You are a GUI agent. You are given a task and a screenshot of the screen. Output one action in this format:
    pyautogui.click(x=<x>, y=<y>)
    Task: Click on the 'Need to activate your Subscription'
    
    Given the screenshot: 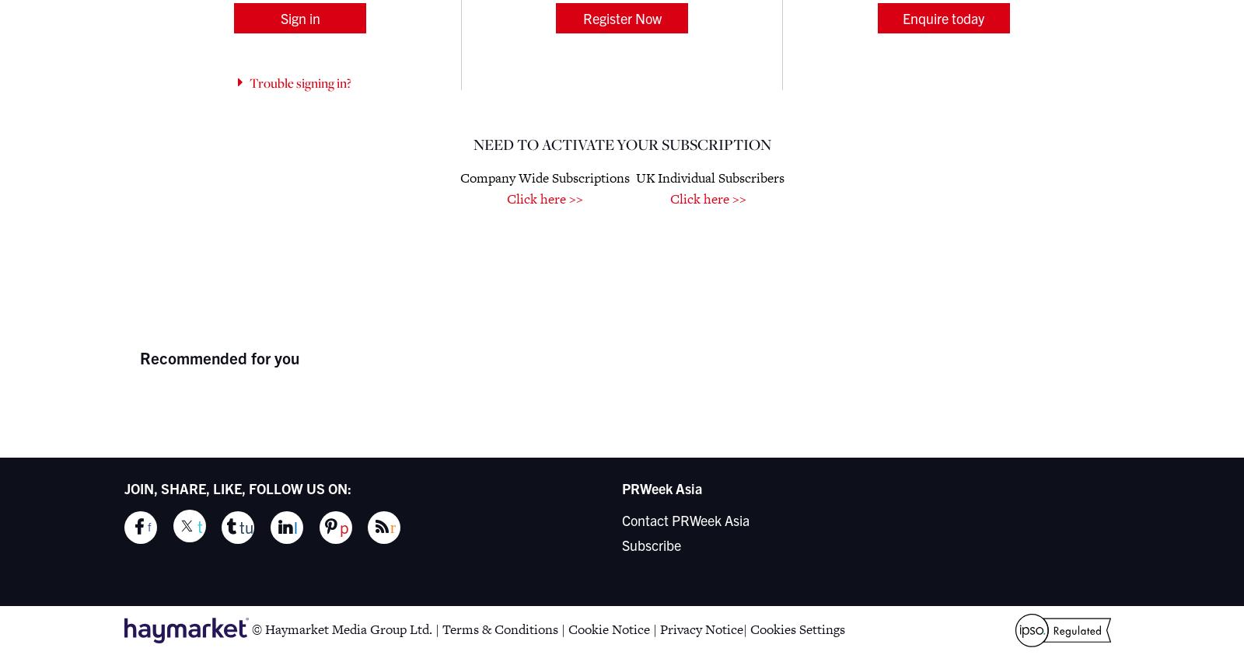 What is the action you would take?
    pyautogui.click(x=621, y=144)
    